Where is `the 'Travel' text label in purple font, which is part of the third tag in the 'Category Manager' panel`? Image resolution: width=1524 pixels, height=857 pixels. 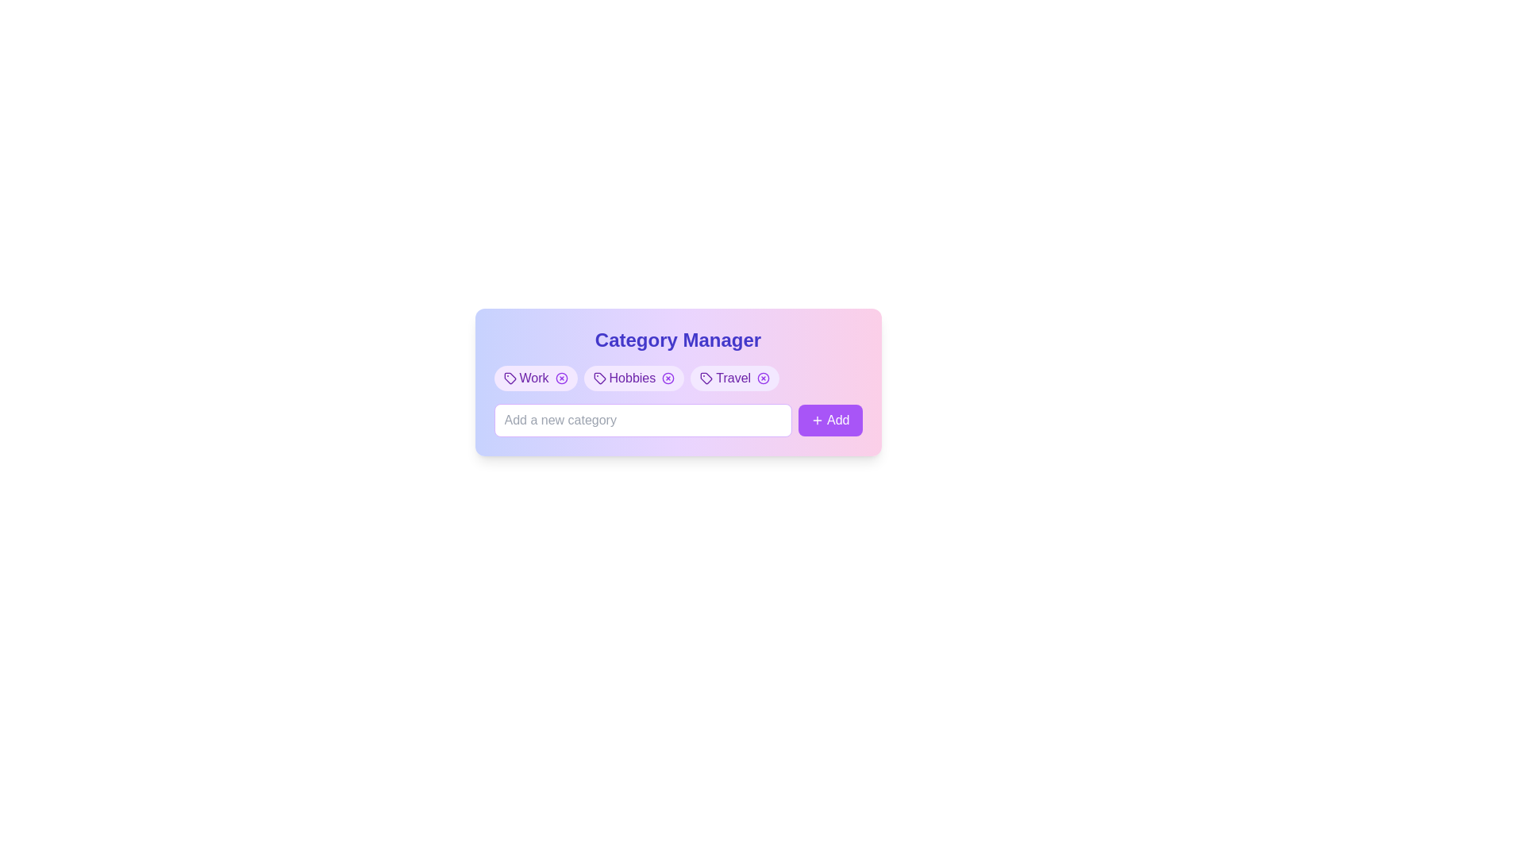
the 'Travel' text label in purple font, which is part of the third tag in the 'Category Manager' panel is located at coordinates (733, 379).